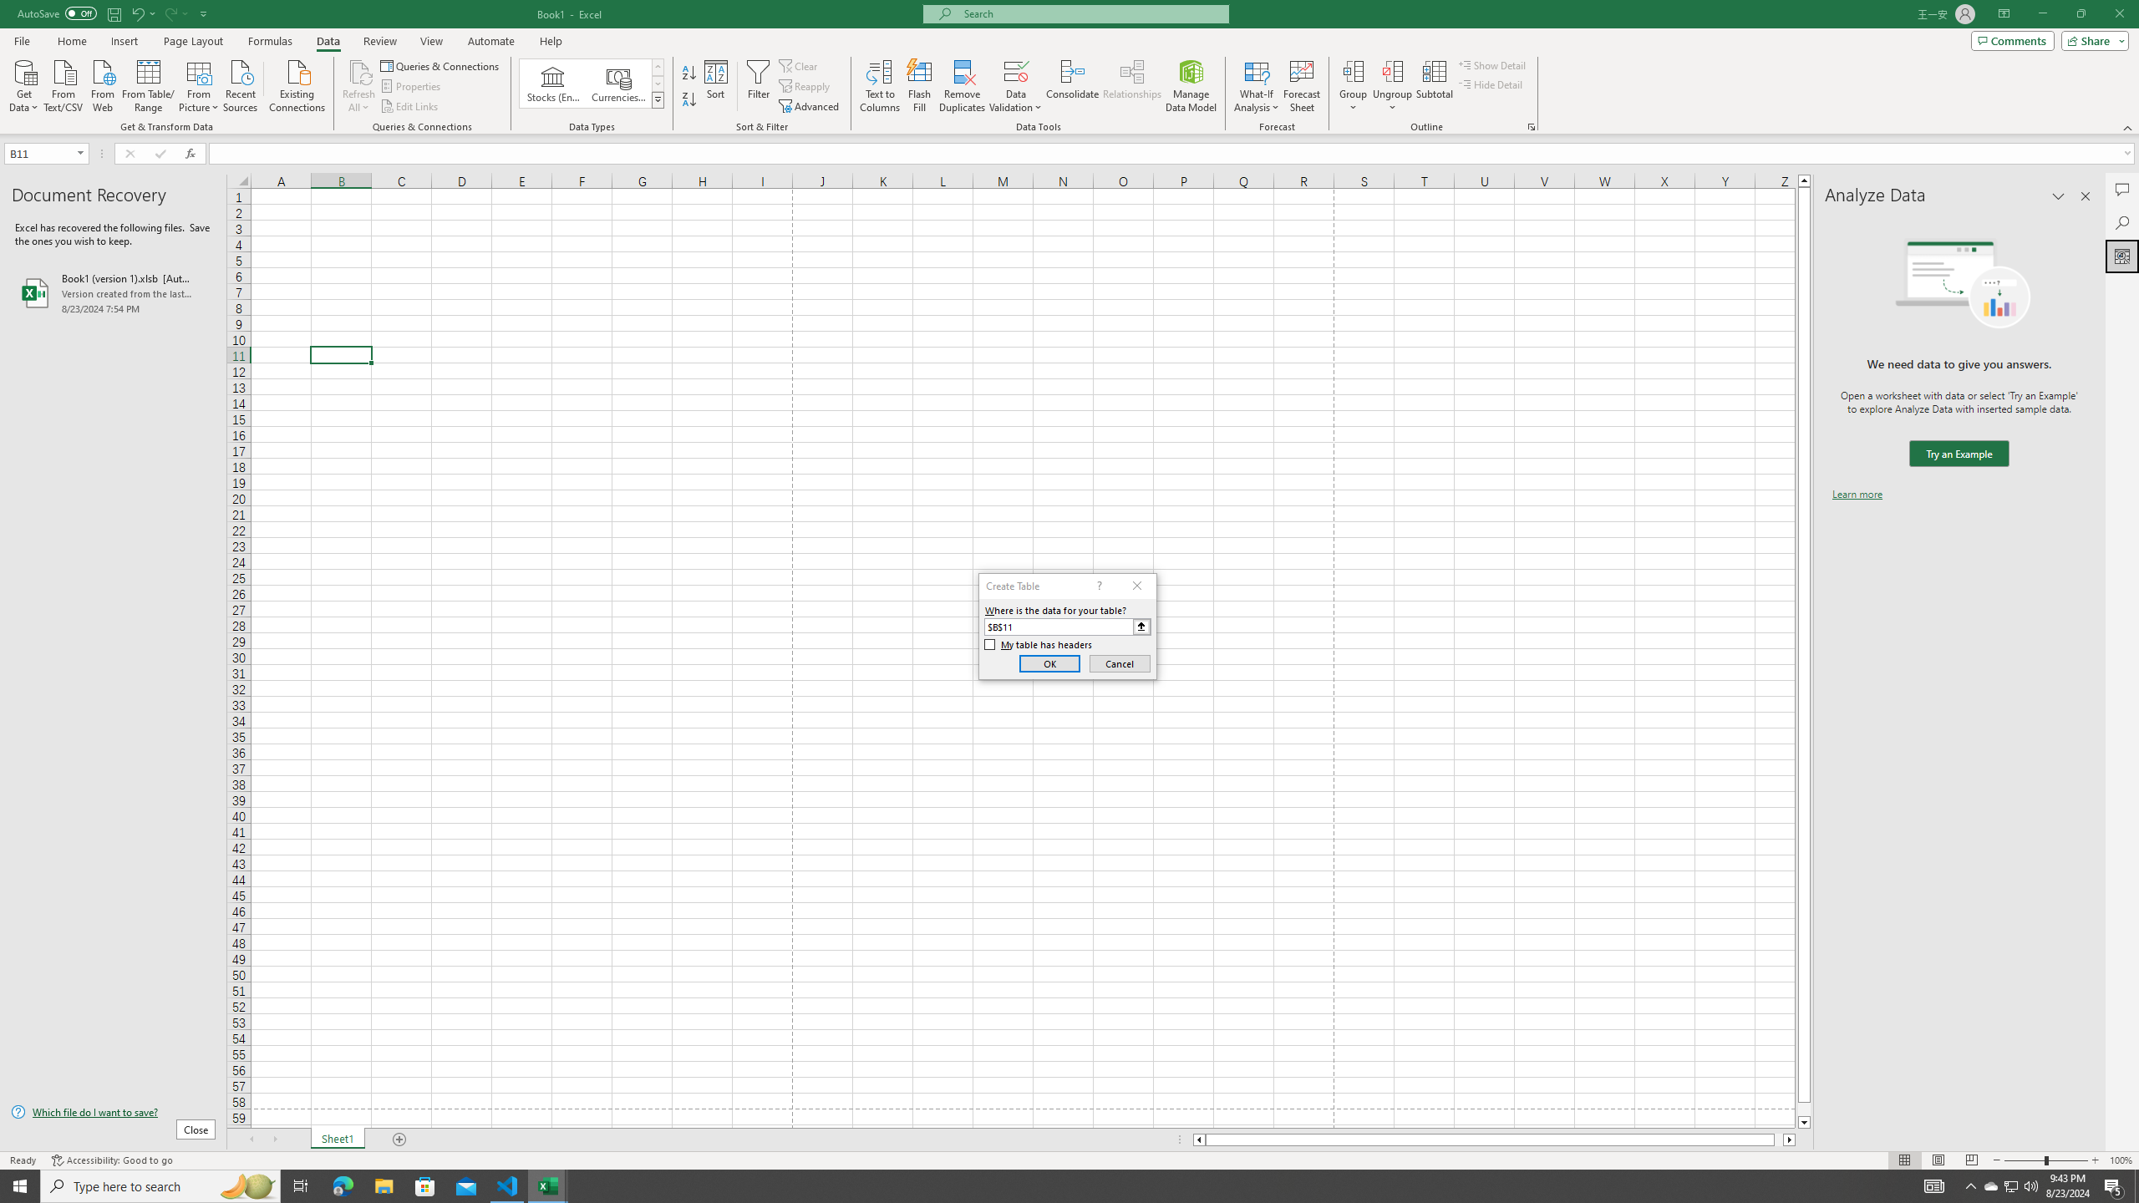 The image size is (2139, 1203). Describe the element at coordinates (879, 86) in the screenshot. I see `'Text to Columns...'` at that location.